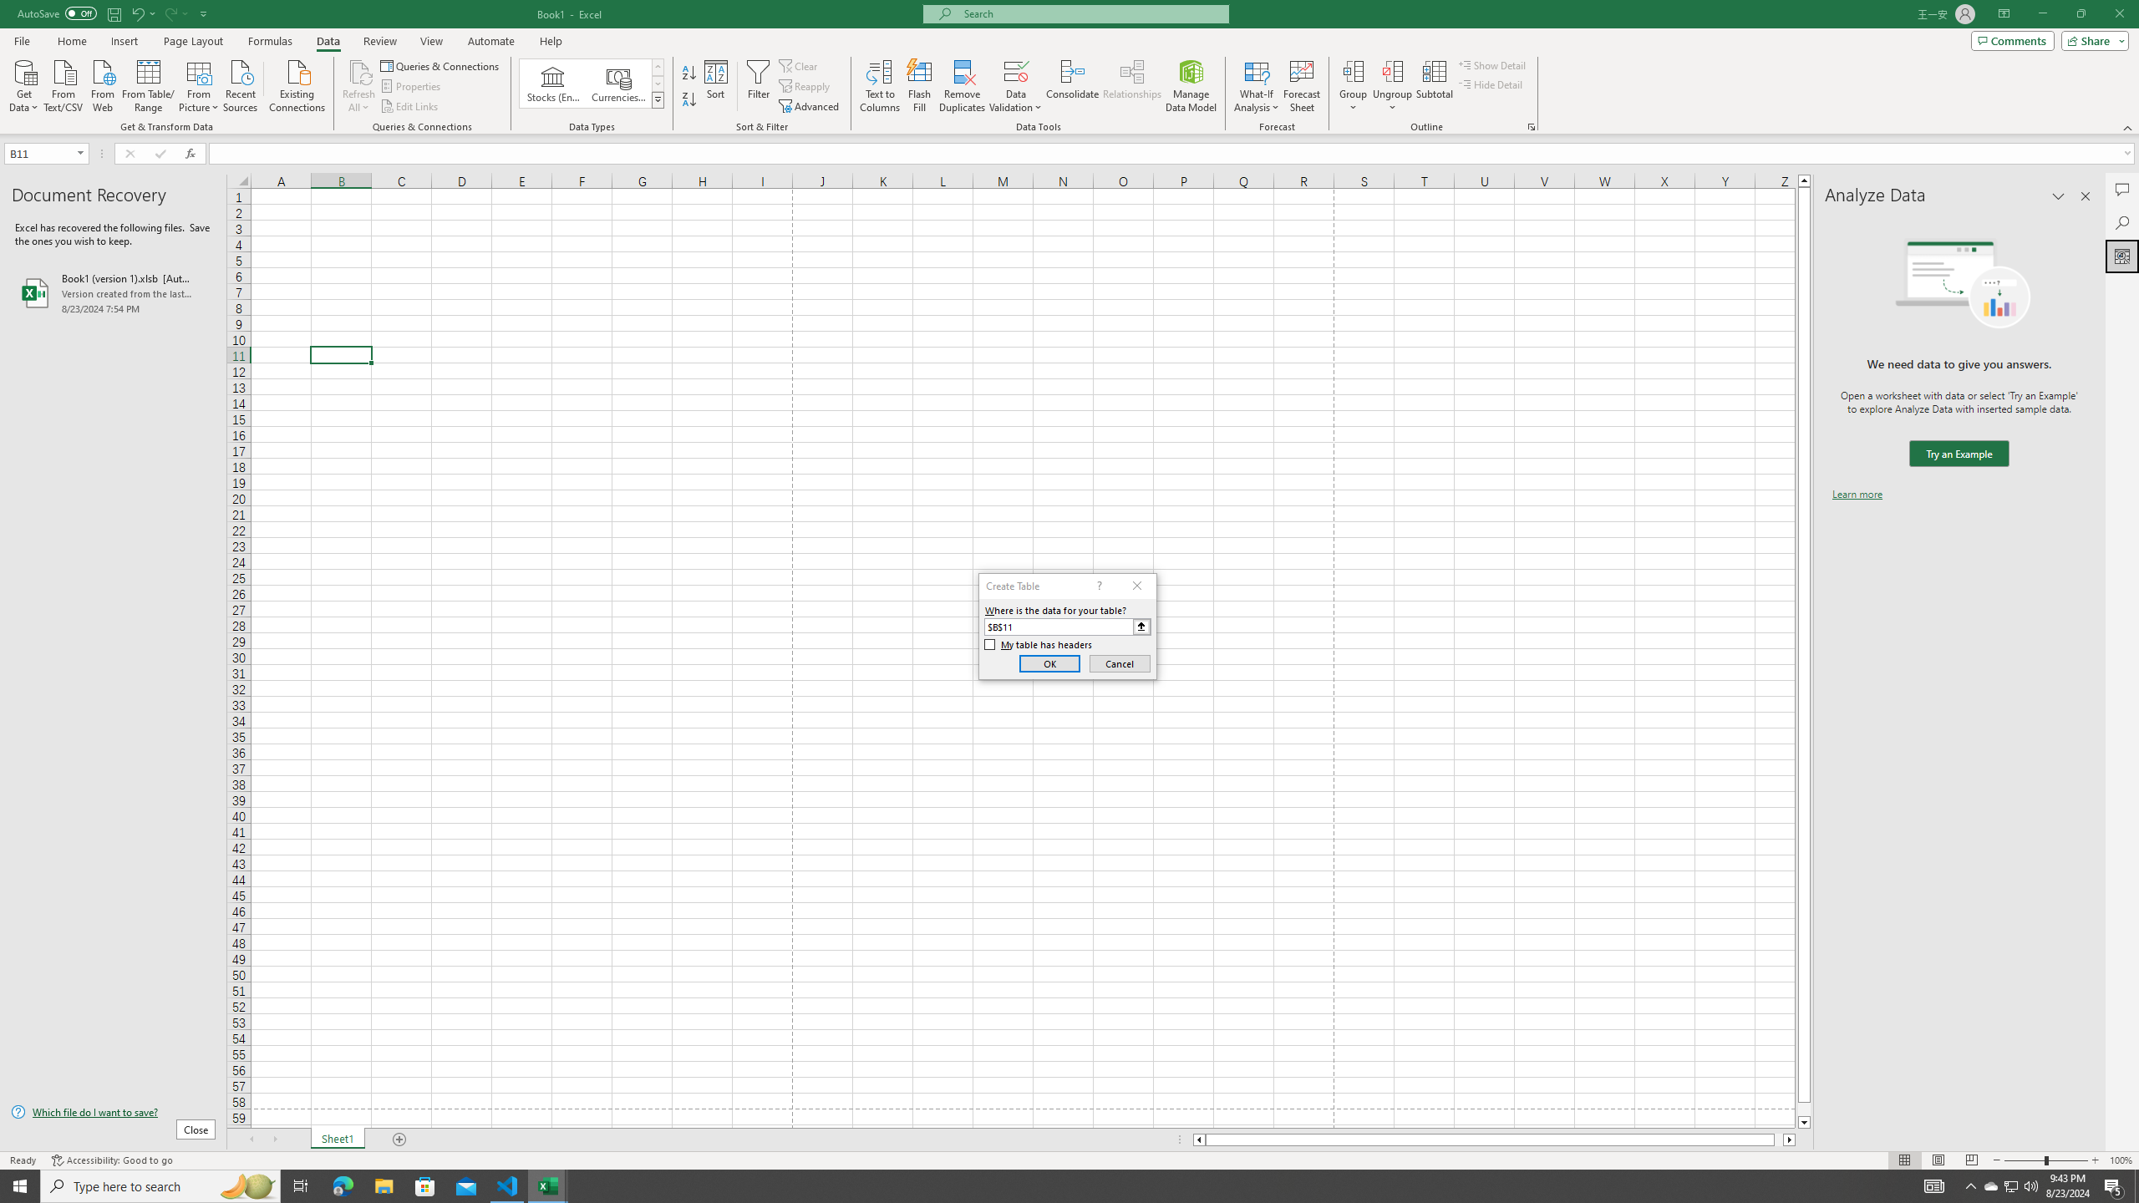 The image size is (2139, 1203). Describe the element at coordinates (879, 86) in the screenshot. I see `'Text to Columns...'` at that location.